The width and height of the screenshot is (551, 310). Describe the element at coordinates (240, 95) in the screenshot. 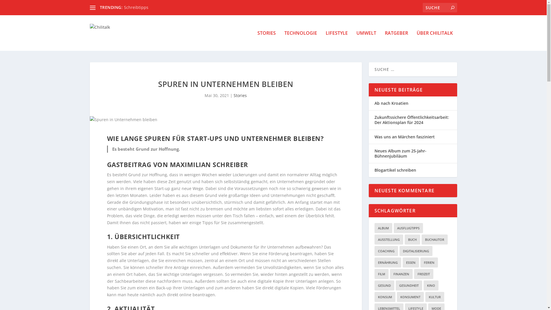

I see `'Stories'` at that location.